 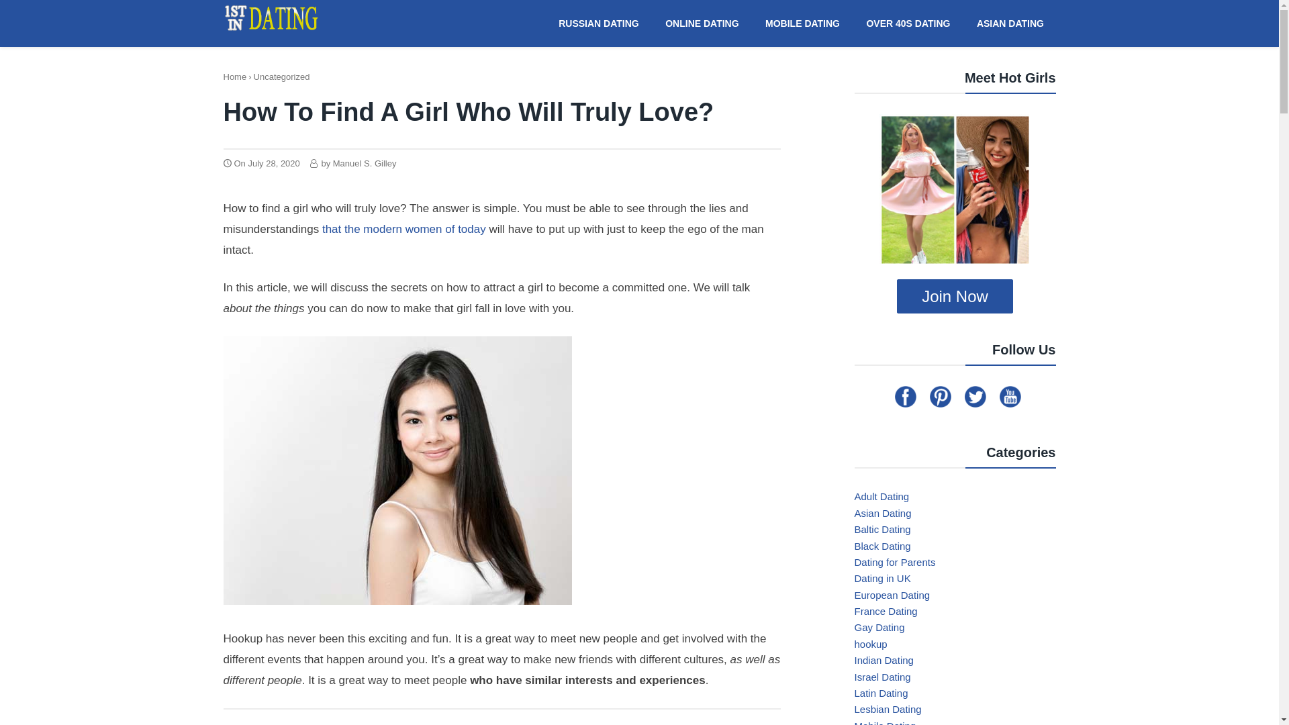 What do you see at coordinates (954, 295) in the screenshot?
I see `'Join Now'` at bounding box center [954, 295].